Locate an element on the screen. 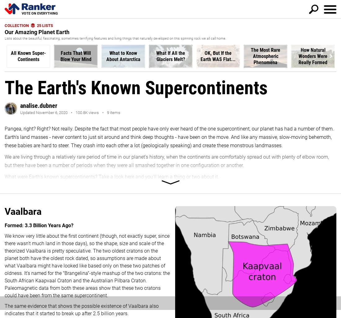 The height and width of the screenshot is (318, 341). '25 LISTS' is located at coordinates (44, 25).